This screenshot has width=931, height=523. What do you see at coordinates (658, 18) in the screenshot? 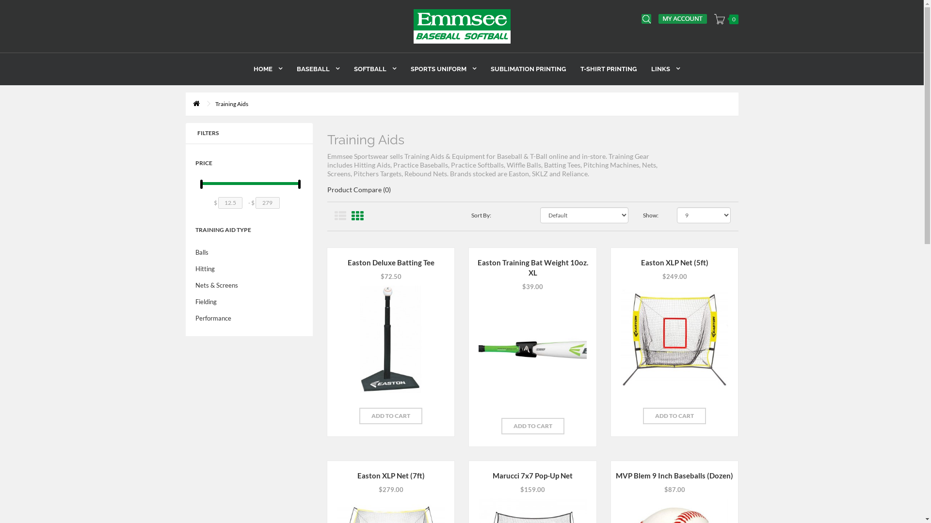
I see `'My Account'` at bounding box center [658, 18].